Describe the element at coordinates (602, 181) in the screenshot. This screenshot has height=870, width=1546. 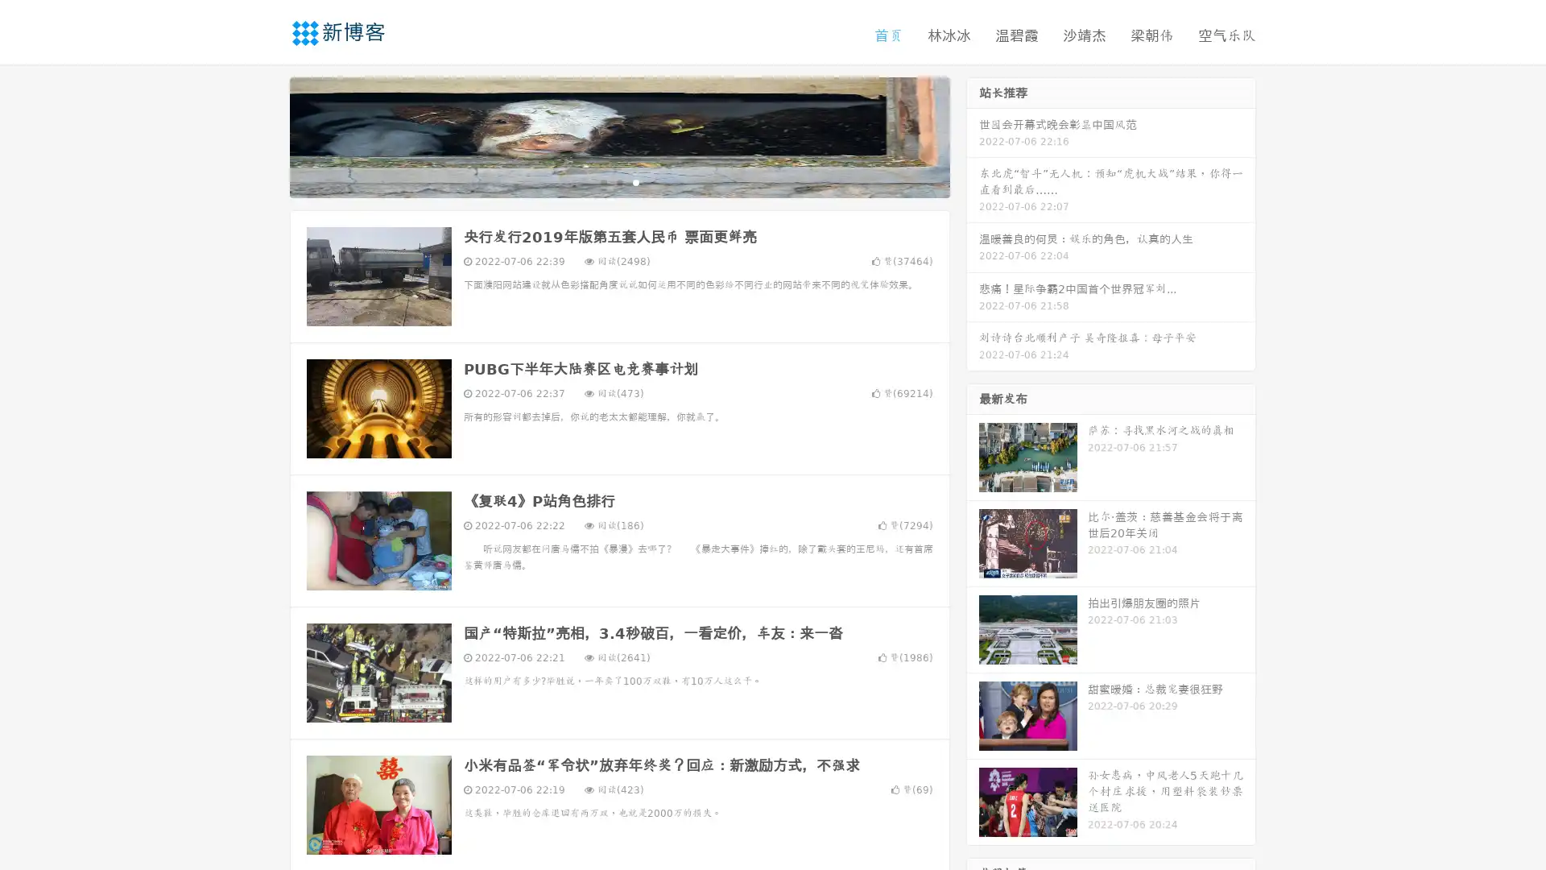
I see `Go to slide 1` at that location.